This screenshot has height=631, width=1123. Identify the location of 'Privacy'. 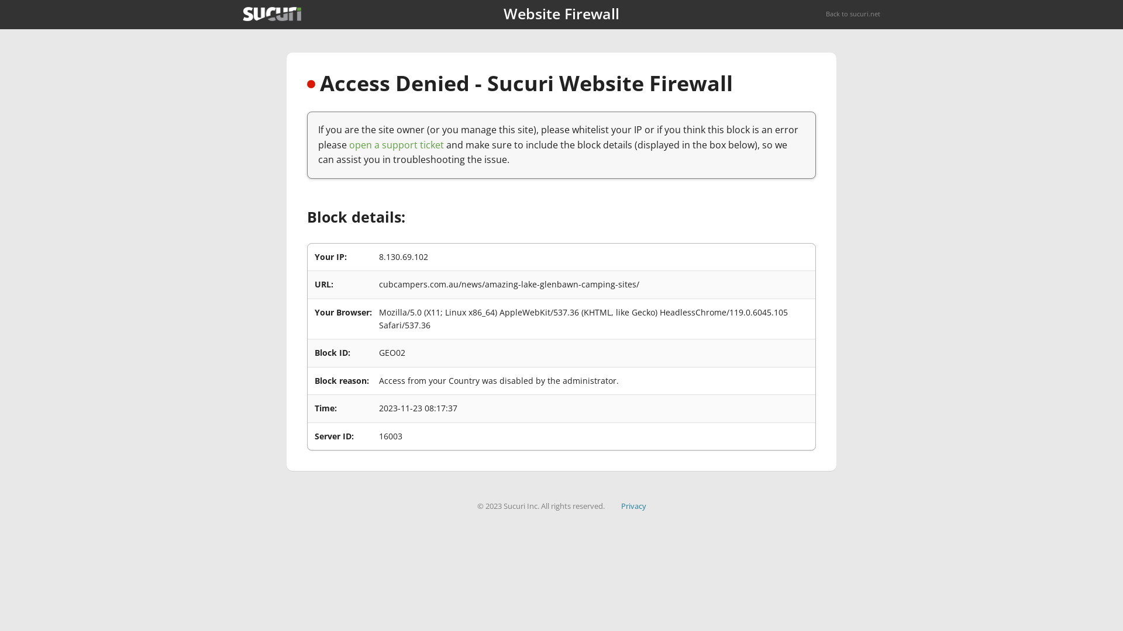
(633, 505).